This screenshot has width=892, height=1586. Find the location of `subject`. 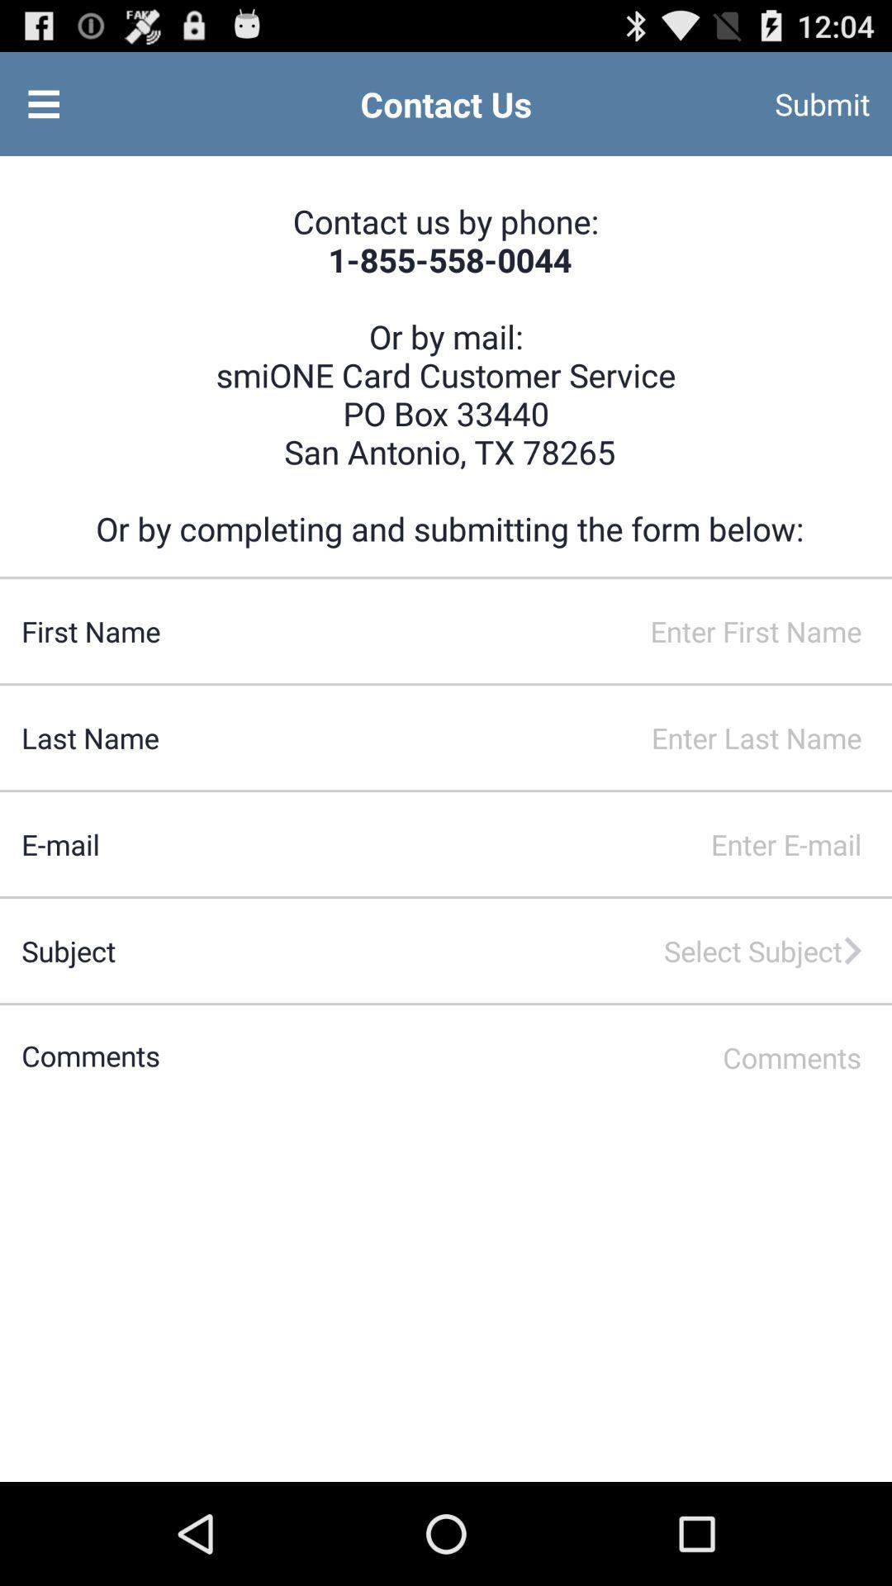

subject is located at coordinates (492, 951).